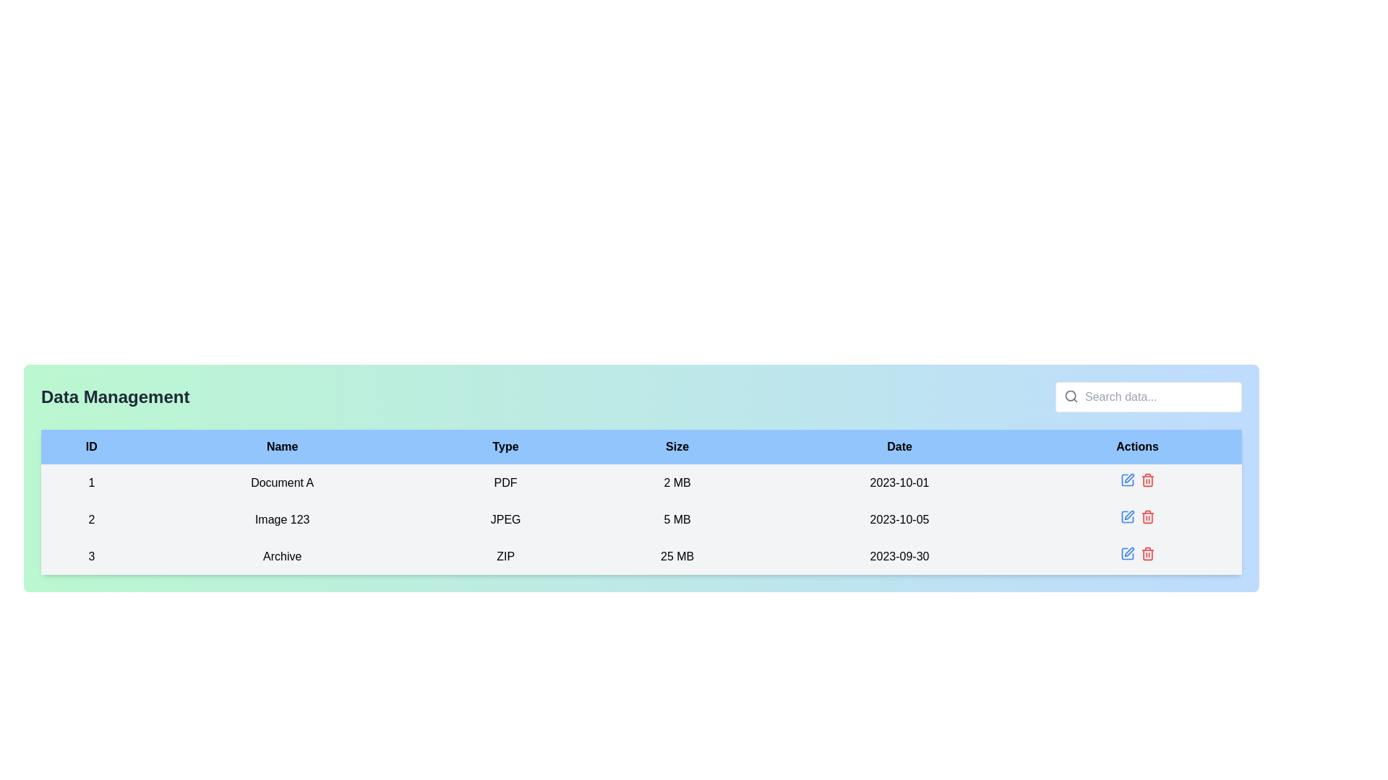  Describe the element at coordinates (1147, 516) in the screenshot. I see `the small red trash bin icon in the 'Actions' column of the second row of the table to trigger the hover effect that changes its color to a slightly darker red` at that location.